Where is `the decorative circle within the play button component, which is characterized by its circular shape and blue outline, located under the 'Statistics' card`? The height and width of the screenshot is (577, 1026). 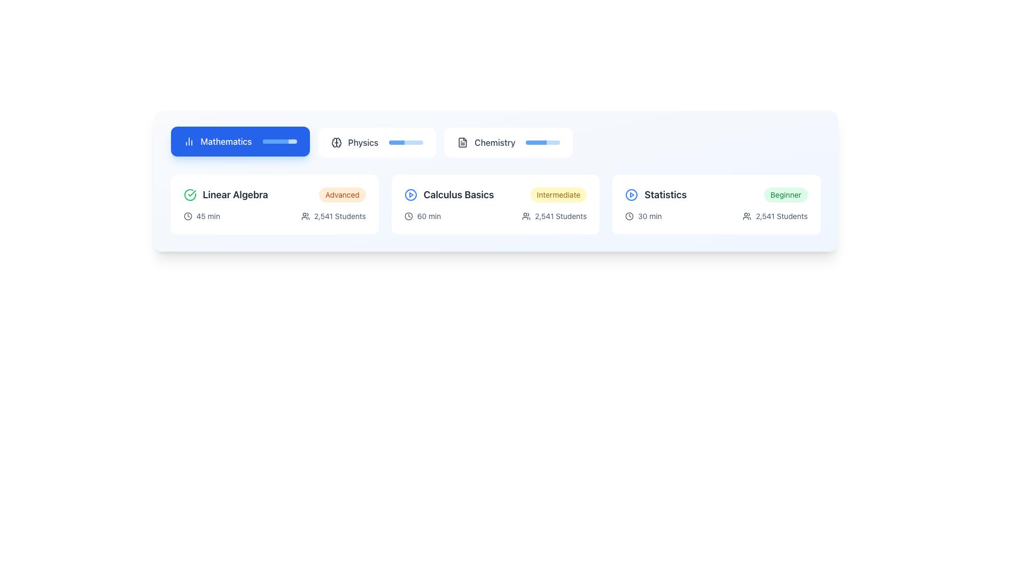 the decorative circle within the play button component, which is characterized by its circular shape and blue outline, located under the 'Statistics' card is located at coordinates (410, 195).